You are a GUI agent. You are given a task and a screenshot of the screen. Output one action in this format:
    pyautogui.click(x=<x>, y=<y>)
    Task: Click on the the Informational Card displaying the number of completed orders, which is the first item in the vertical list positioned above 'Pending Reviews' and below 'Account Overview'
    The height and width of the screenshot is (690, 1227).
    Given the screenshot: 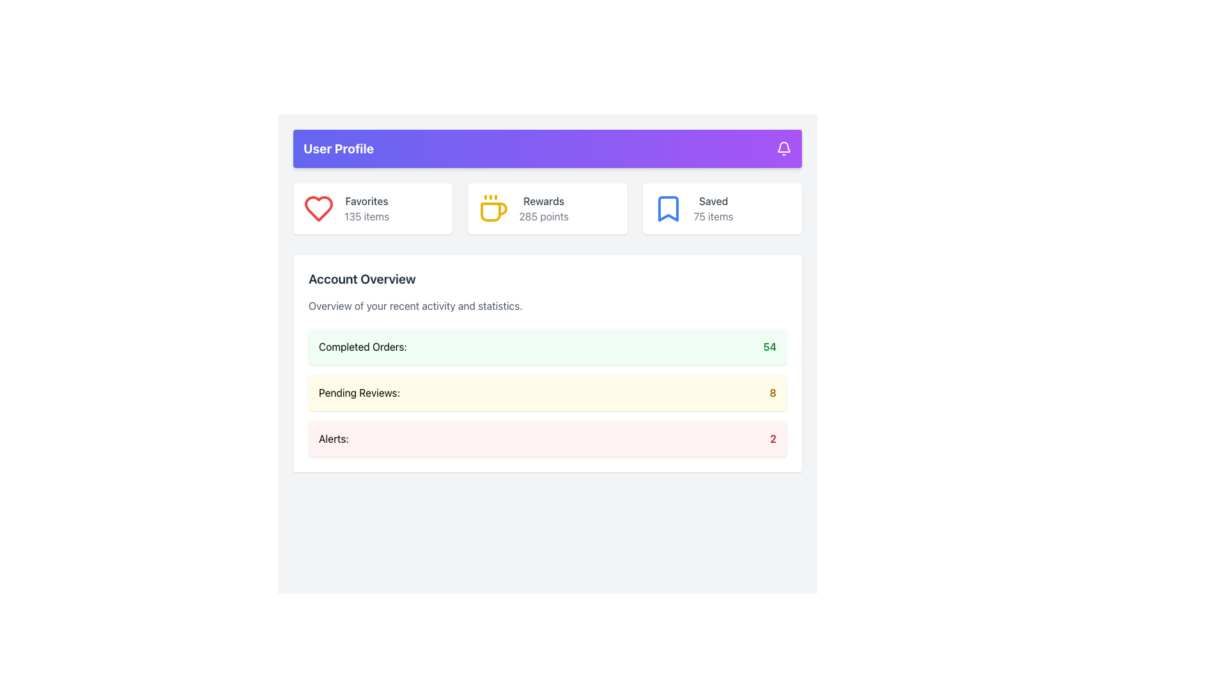 What is the action you would take?
    pyautogui.click(x=548, y=347)
    